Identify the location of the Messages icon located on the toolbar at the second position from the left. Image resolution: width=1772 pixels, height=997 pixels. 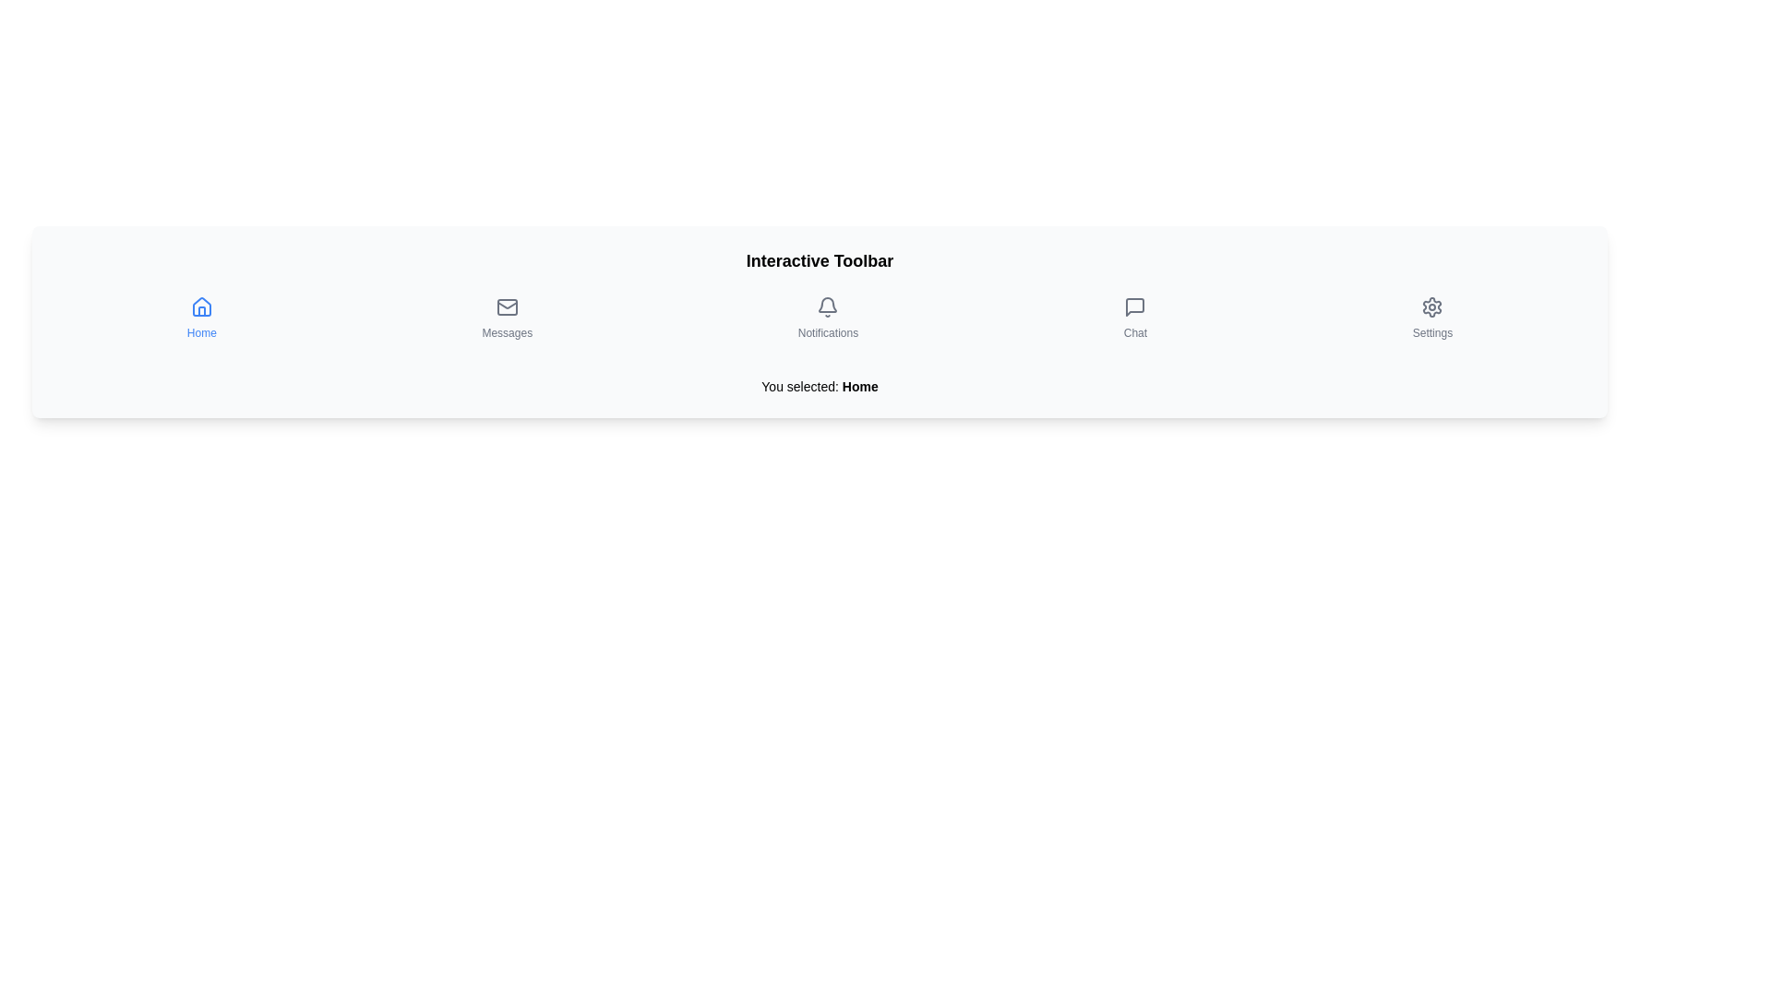
(507, 306).